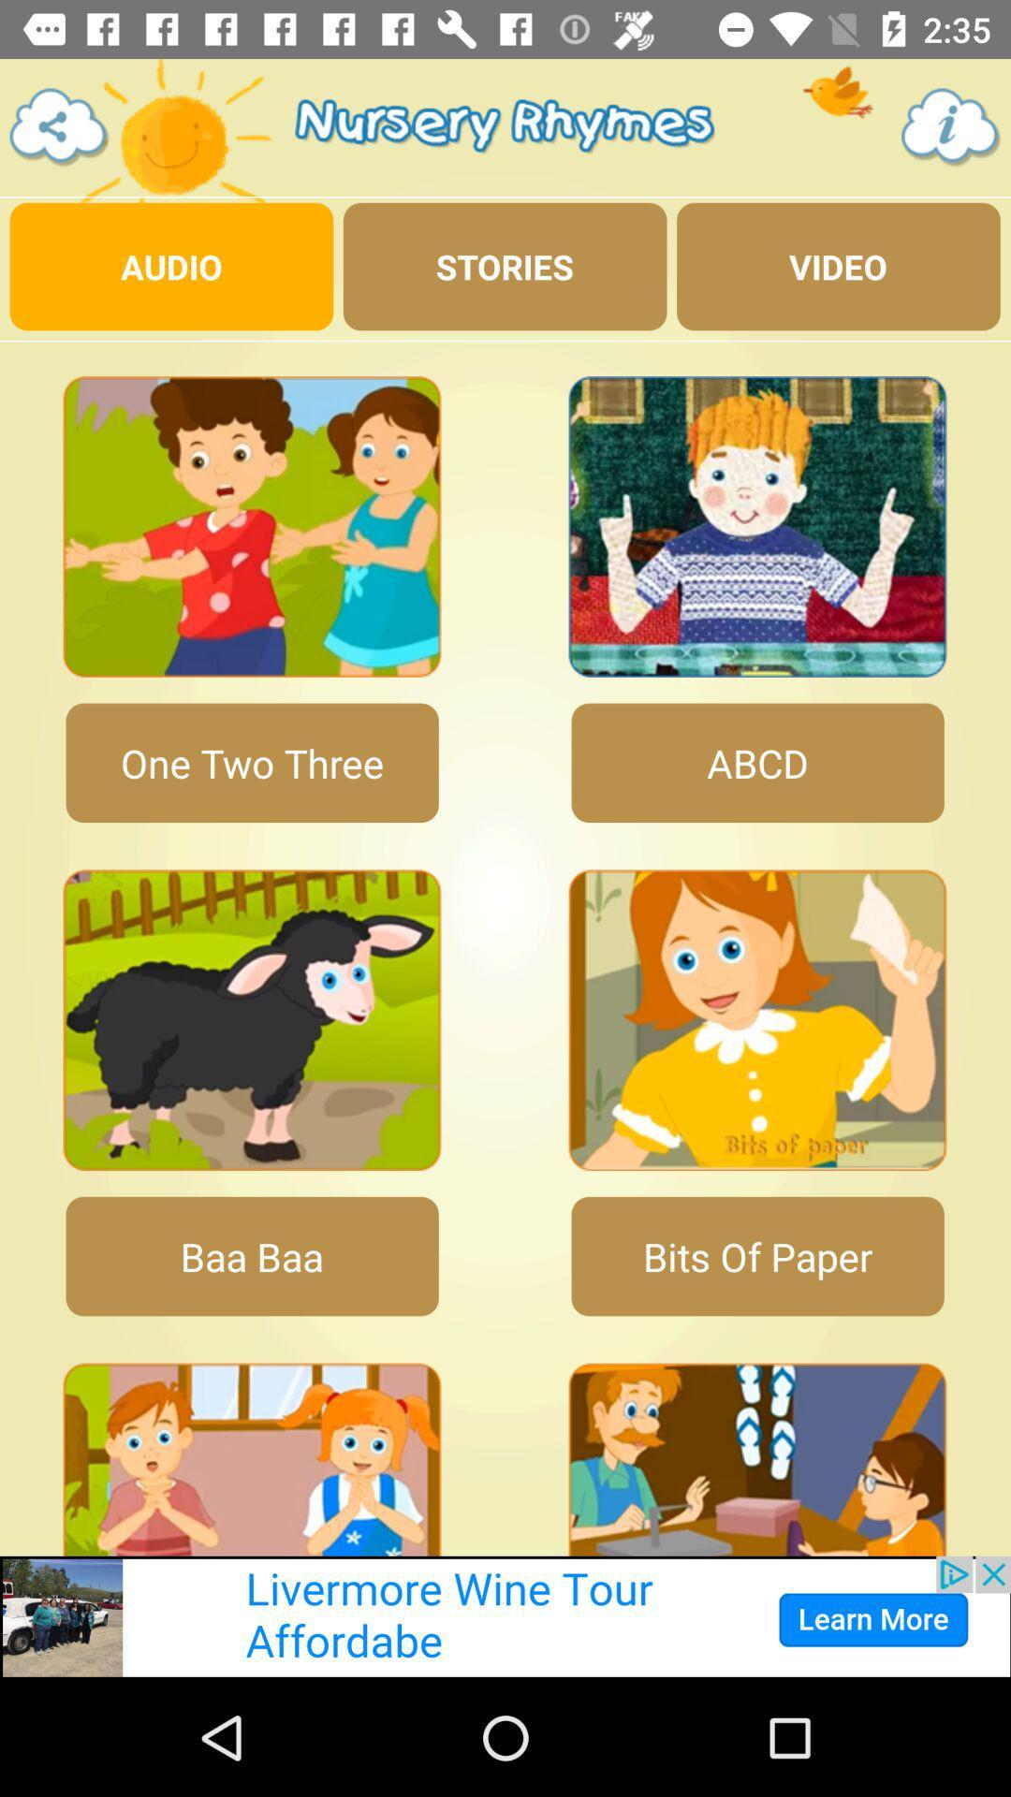 Image resolution: width=1011 pixels, height=1797 pixels. I want to click on share, so click(58, 126).